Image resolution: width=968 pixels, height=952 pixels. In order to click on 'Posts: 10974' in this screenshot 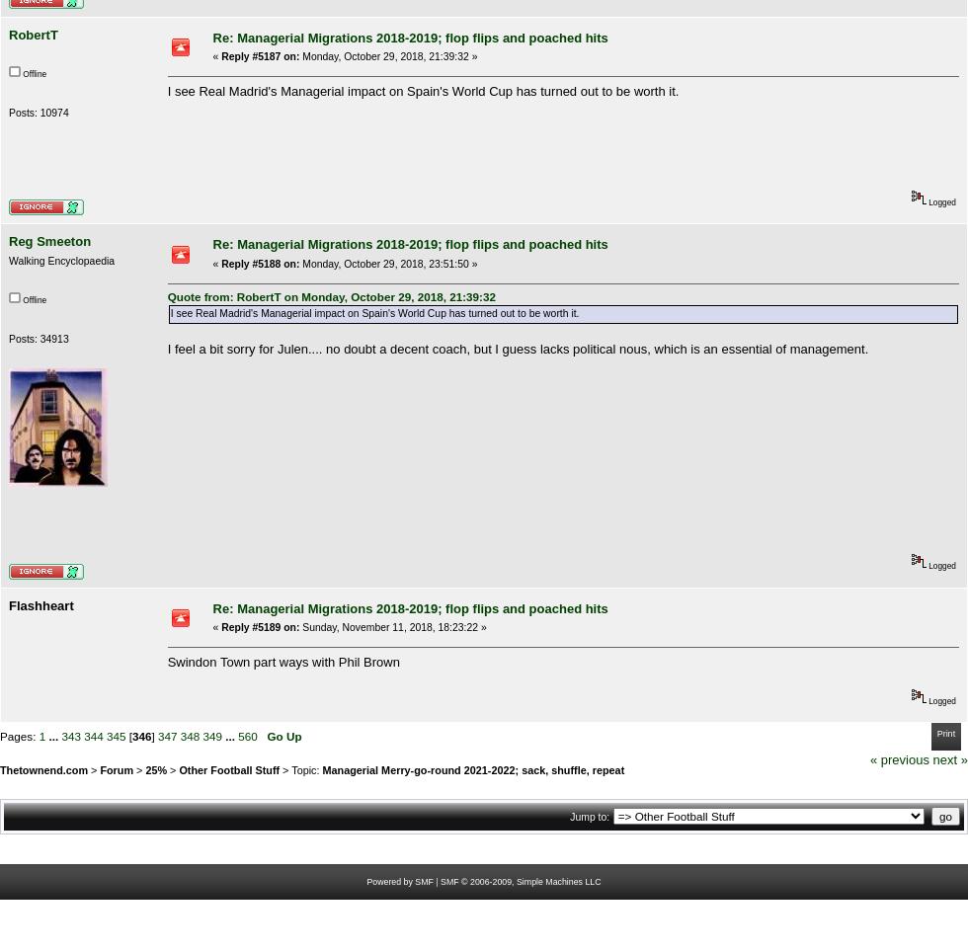, I will do `click(39, 111)`.